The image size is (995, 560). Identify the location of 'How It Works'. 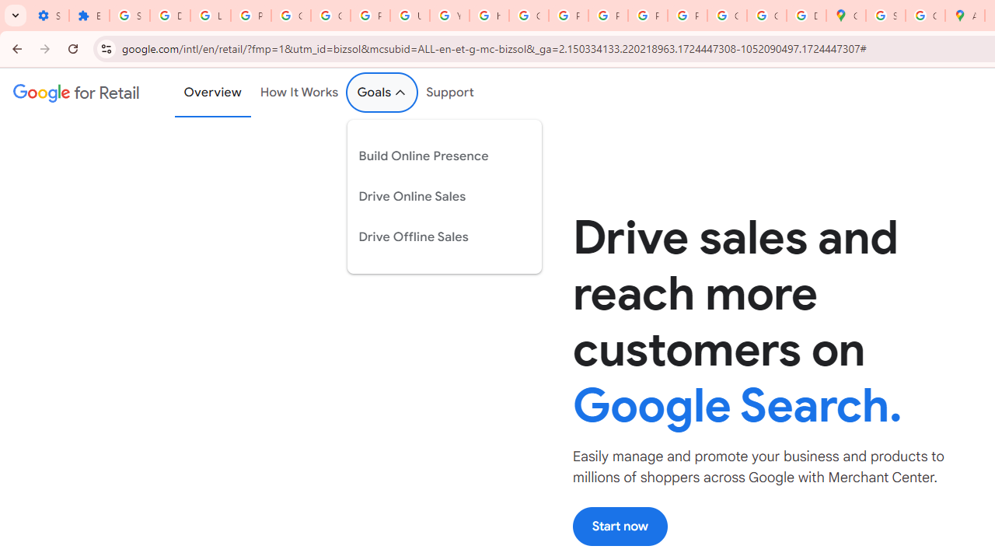
(299, 93).